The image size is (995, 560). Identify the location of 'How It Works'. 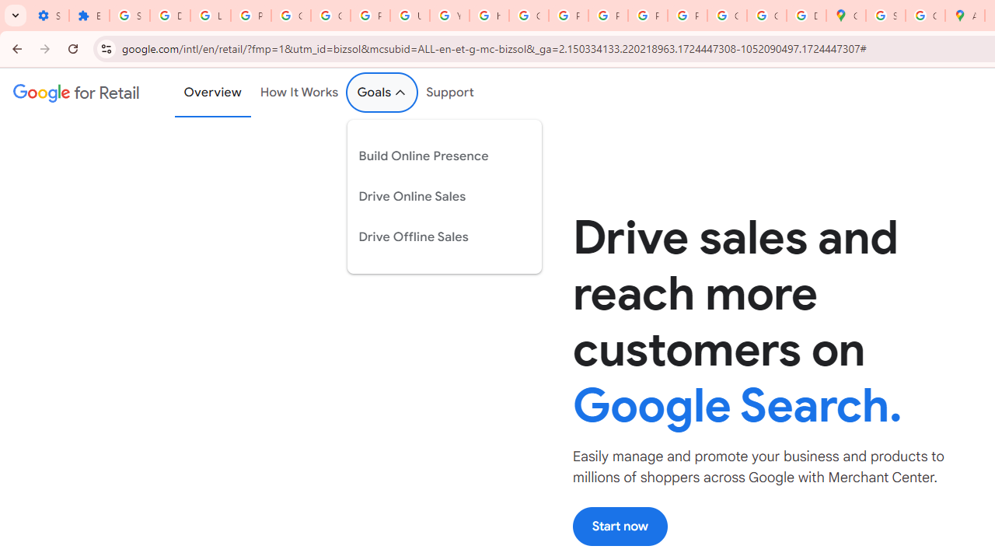
(299, 93).